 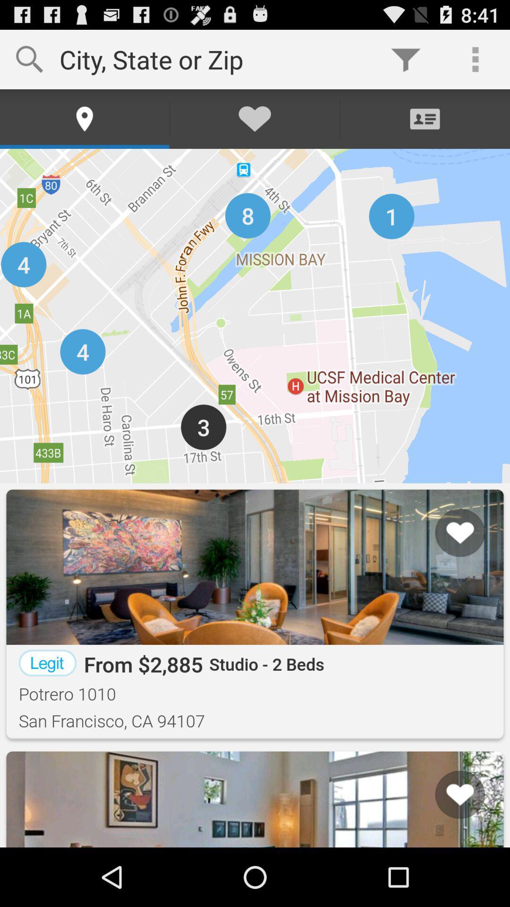 I want to click on the list item, so click(x=448, y=811).